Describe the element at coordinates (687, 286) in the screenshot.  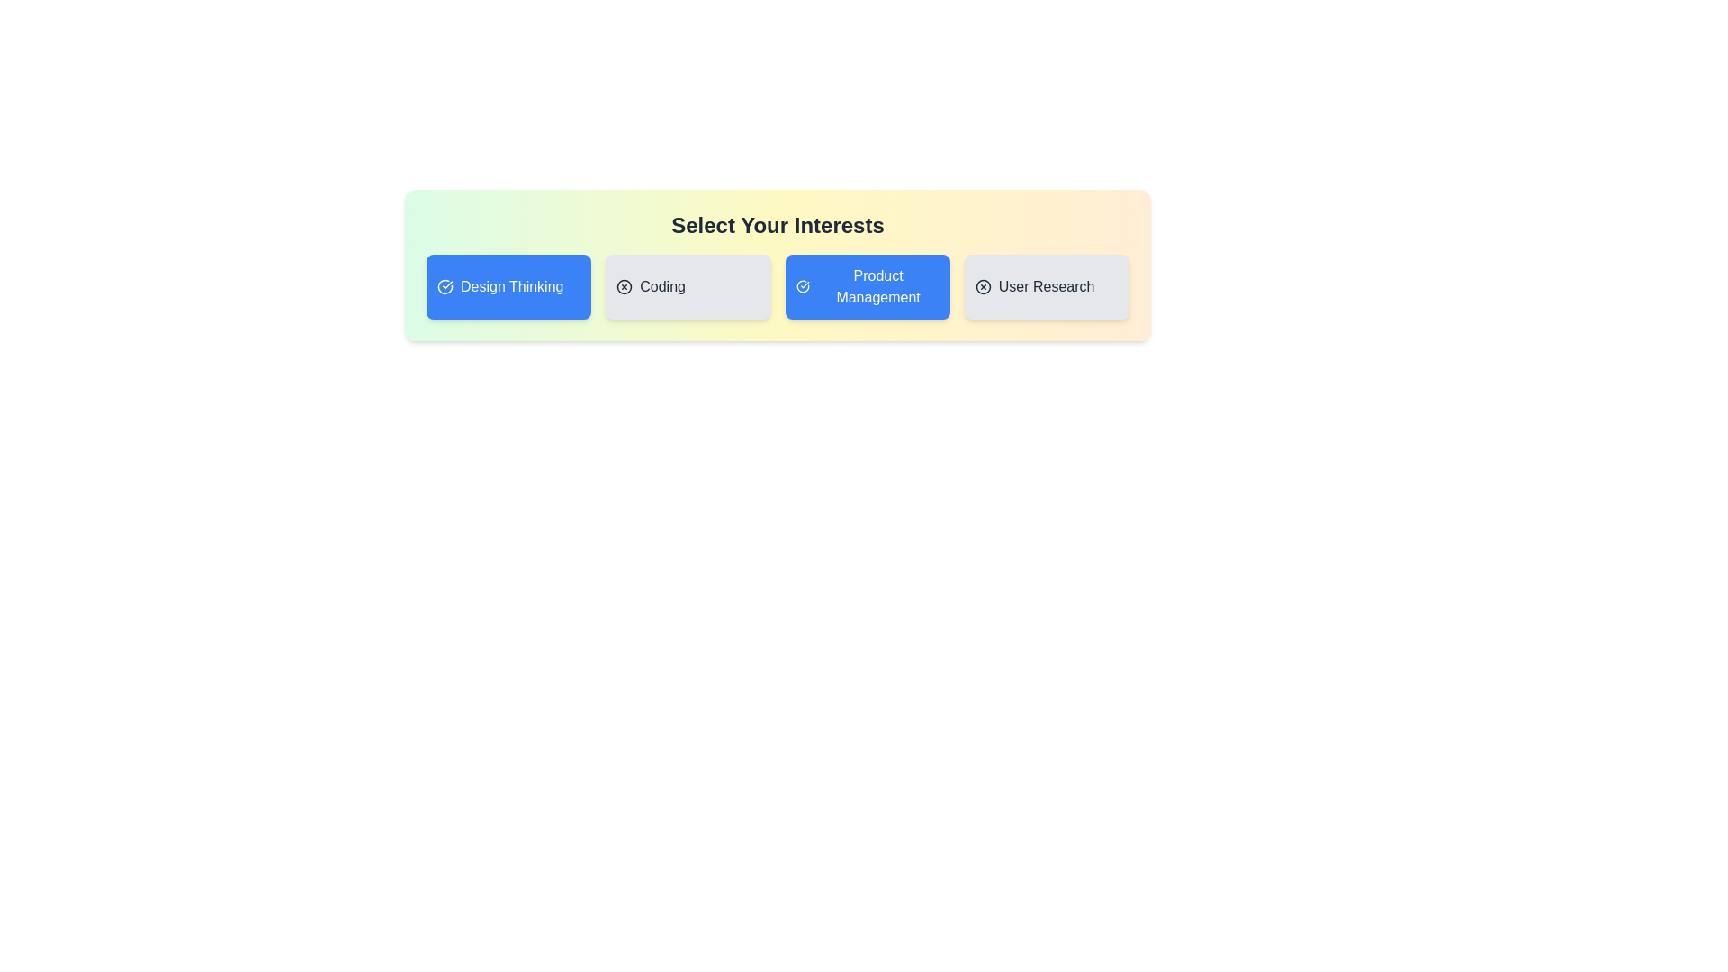
I see `the chip labeled Coding` at that location.